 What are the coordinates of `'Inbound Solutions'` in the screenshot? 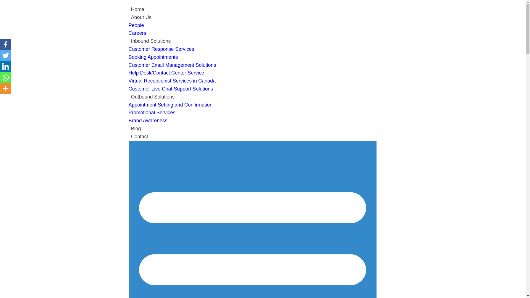 It's located at (151, 41).